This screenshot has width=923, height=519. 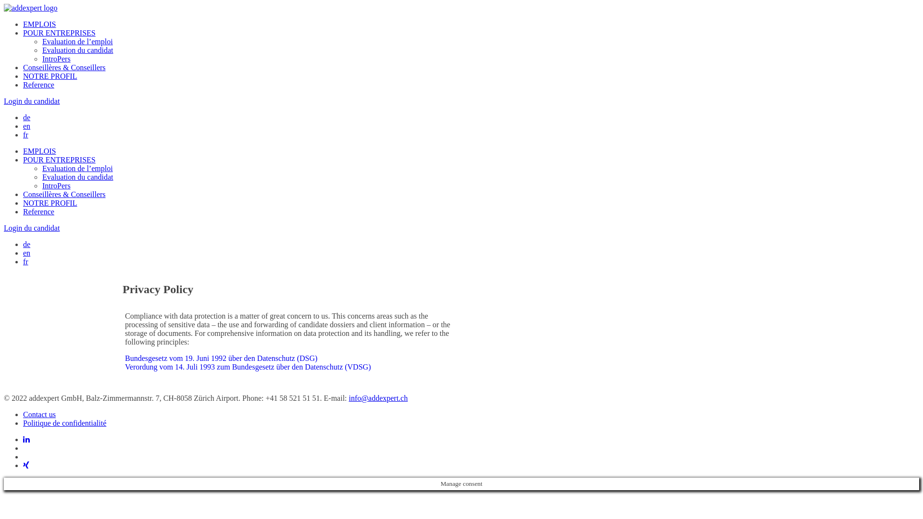 What do you see at coordinates (26, 125) in the screenshot?
I see `'en'` at bounding box center [26, 125].